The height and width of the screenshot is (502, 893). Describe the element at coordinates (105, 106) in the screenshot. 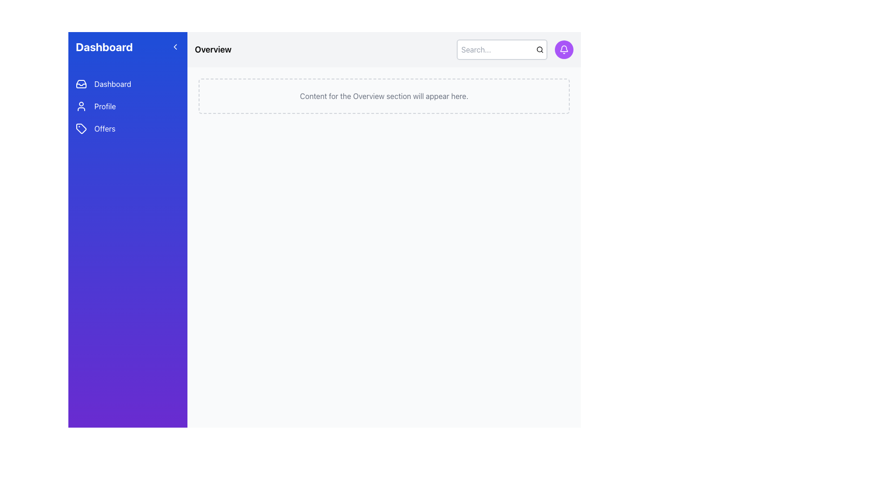

I see `the Profile text link located in the sidebar, which is the second menu item under the Dashboard text link` at that location.